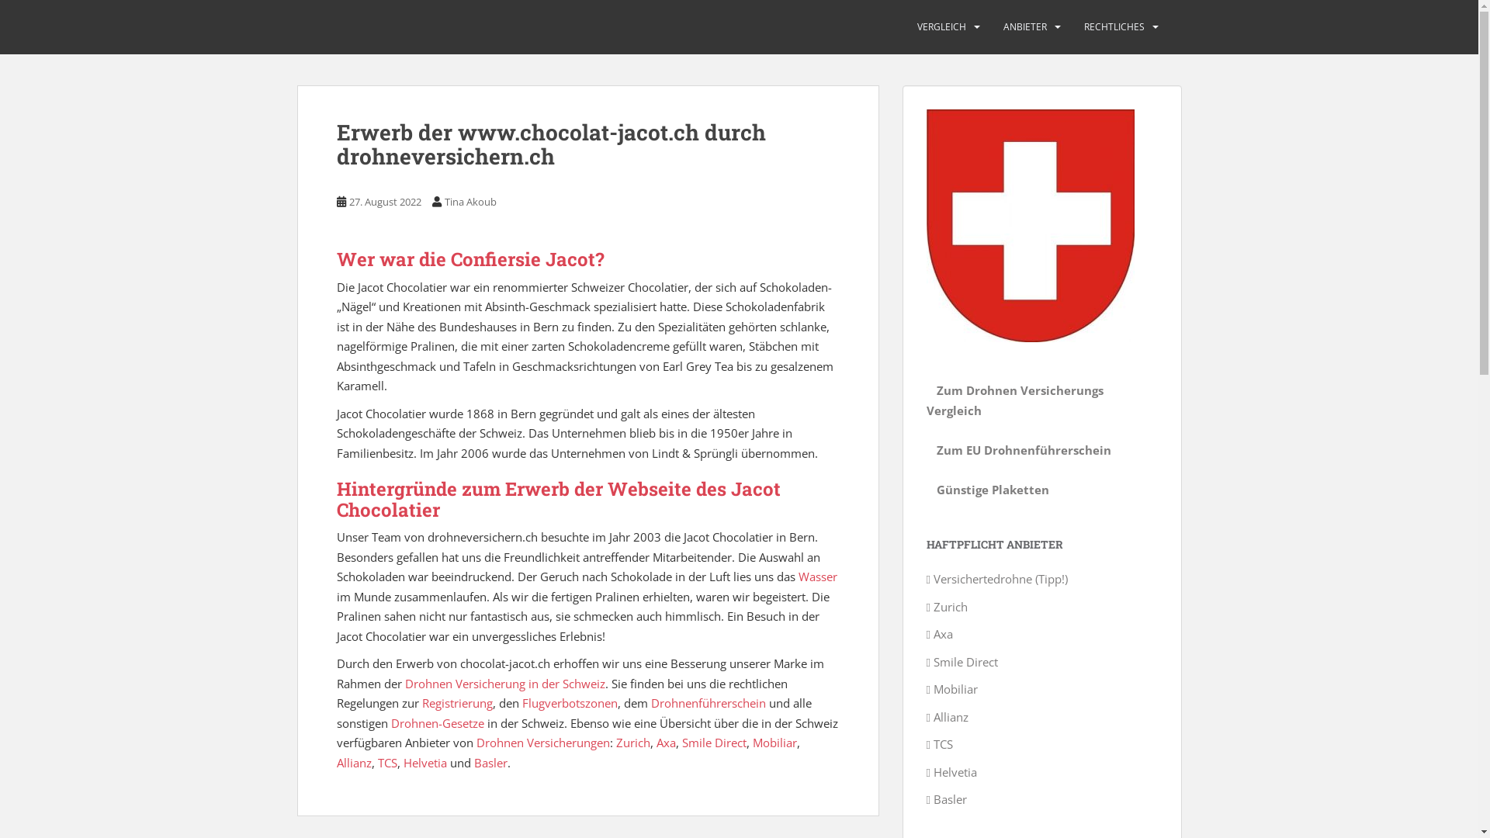 The image size is (1490, 838). What do you see at coordinates (505, 682) in the screenshot?
I see `'Drohnen Versicherung in der Schweiz'` at bounding box center [505, 682].